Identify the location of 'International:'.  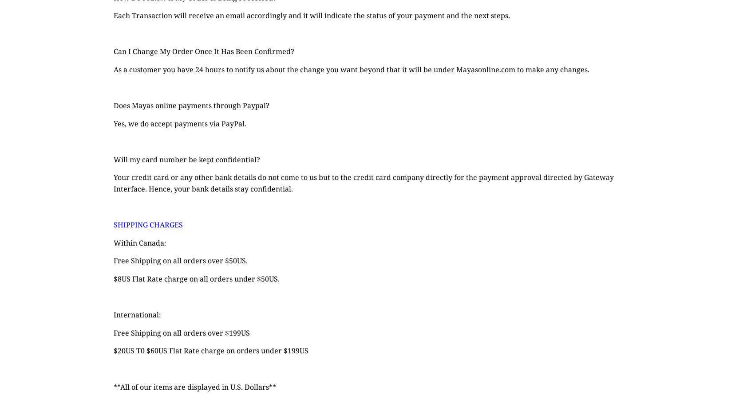
(137, 314).